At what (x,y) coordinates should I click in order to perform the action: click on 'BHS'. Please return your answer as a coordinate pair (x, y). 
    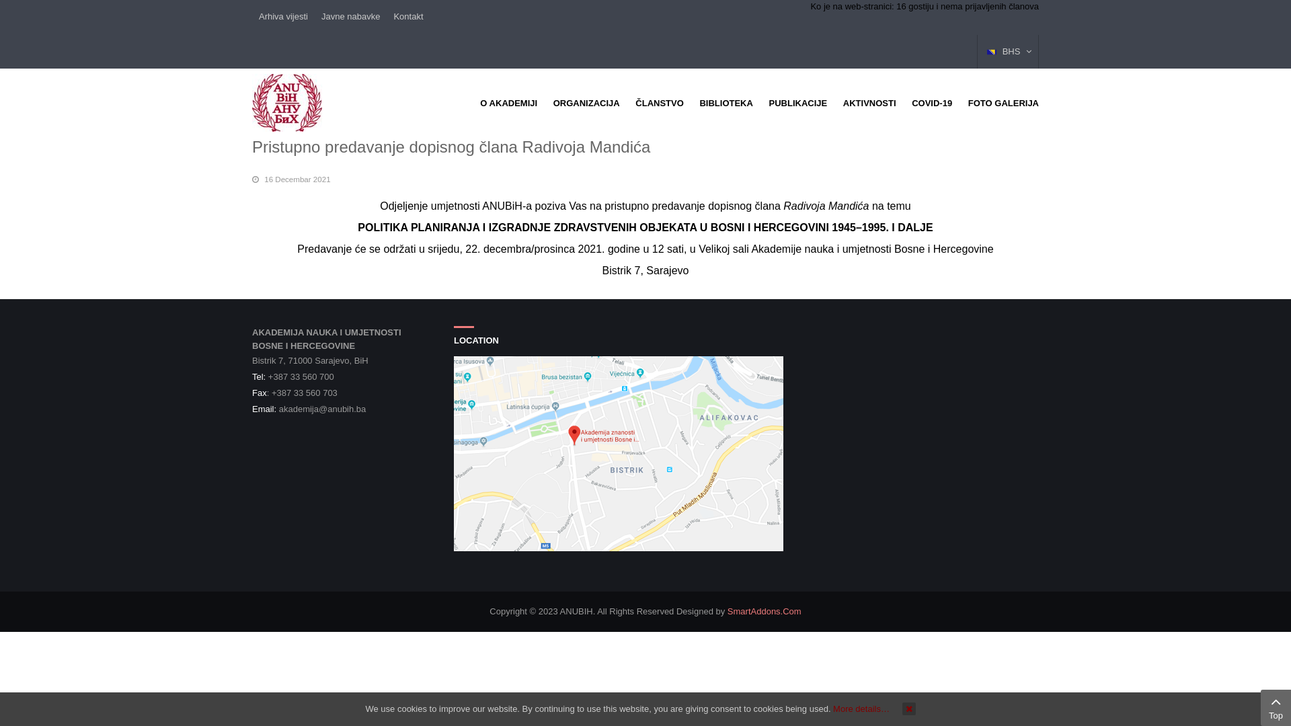
    Looking at the image, I should click on (991, 51).